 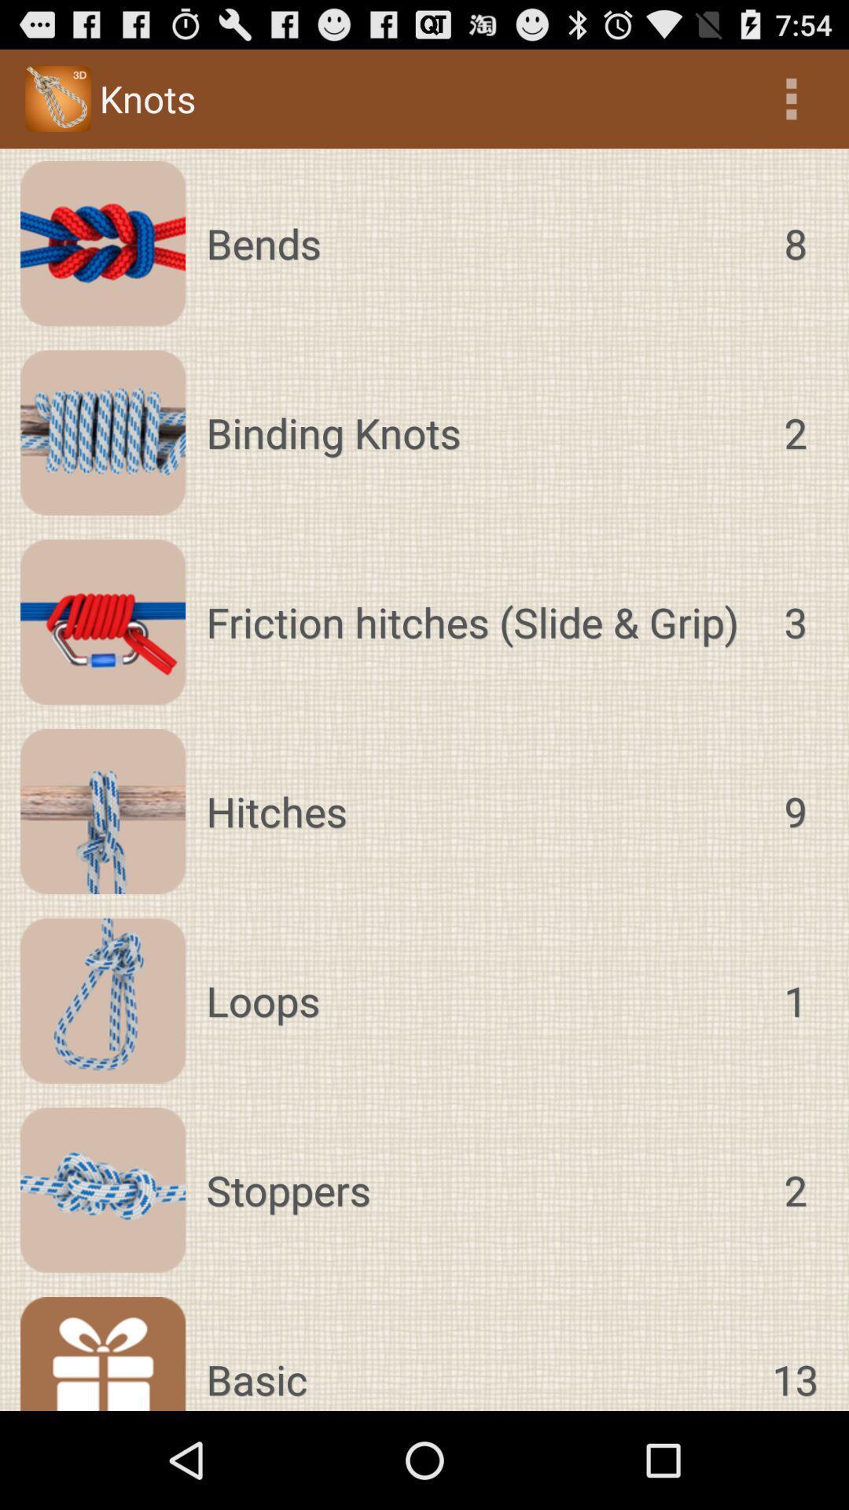 I want to click on loops icon, so click(x=479, y=1000).